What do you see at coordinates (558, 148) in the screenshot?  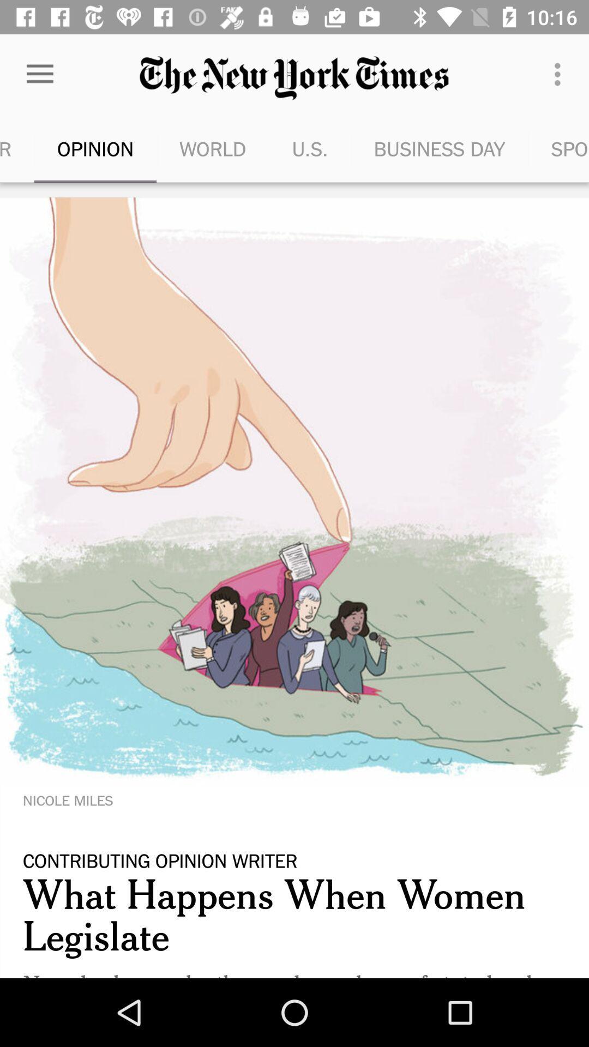 I see `the item next to business day` at bounding box center [558, 148].